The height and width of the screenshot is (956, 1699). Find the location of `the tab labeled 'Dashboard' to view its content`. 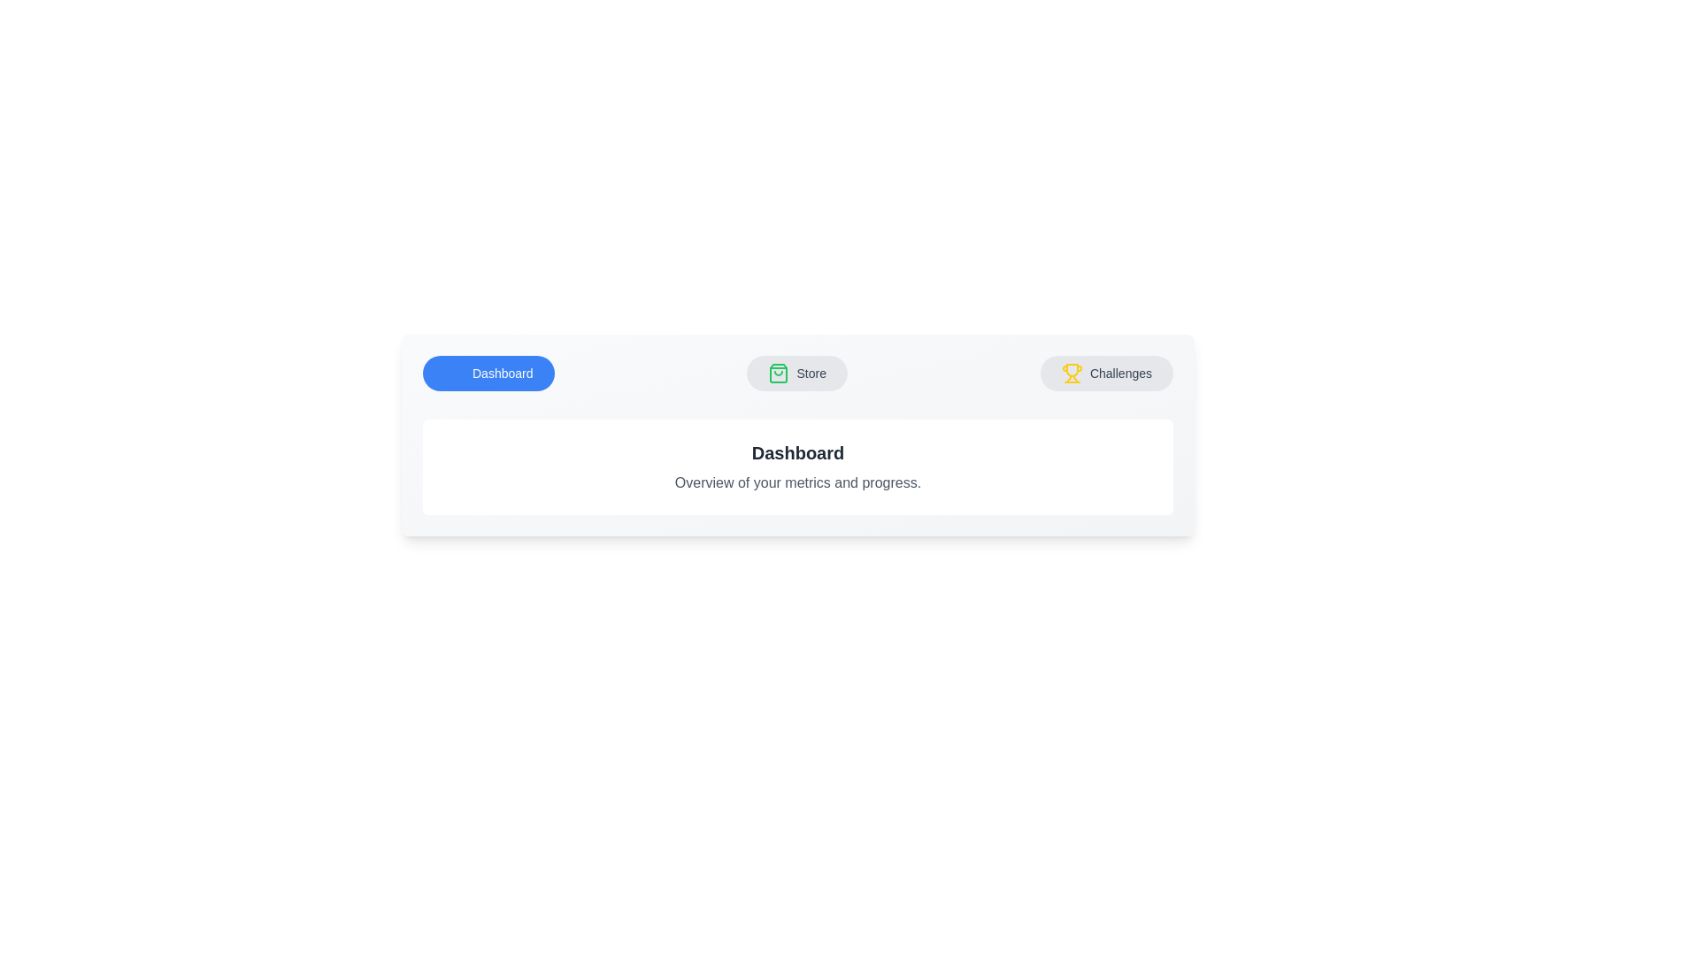

the tab labeled 'Dashboard' to view its content is located at coordinates (488, 372).